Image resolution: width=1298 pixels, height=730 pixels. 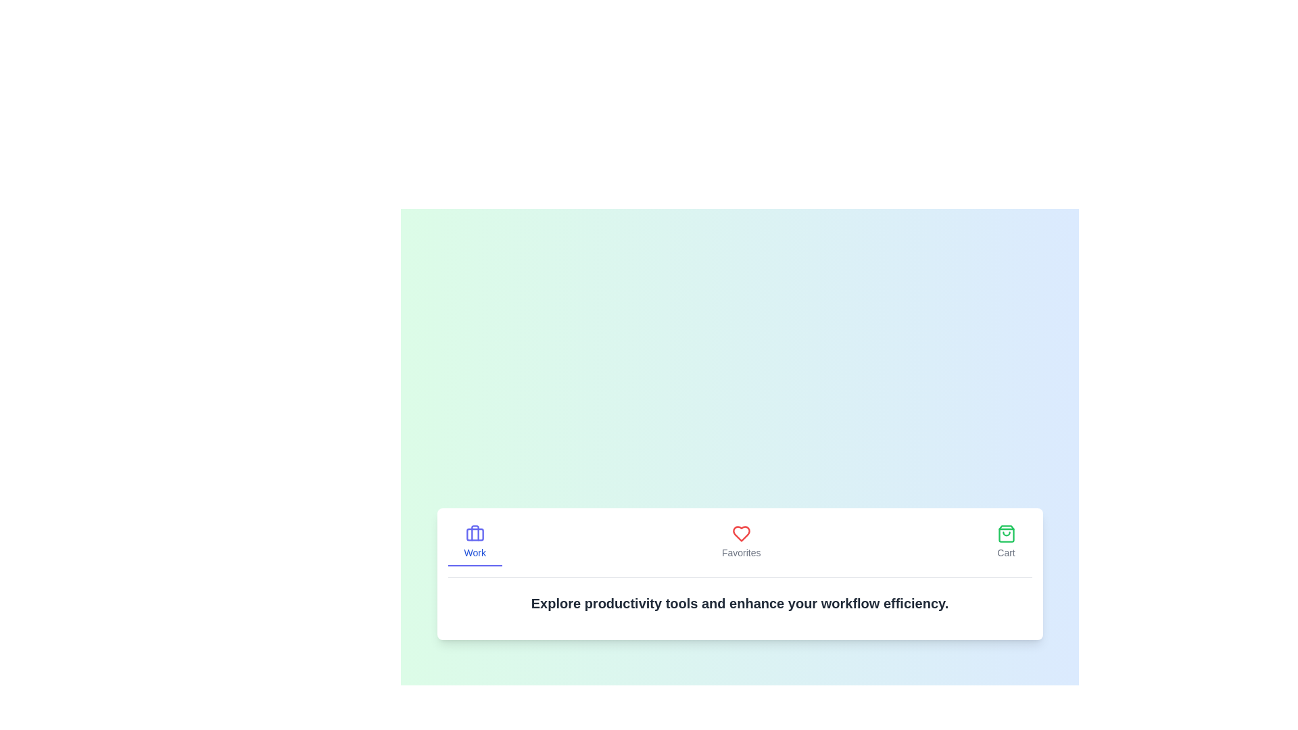 I want to click on the tab icon Work to observe the visual effect, so click(x=475, y=541).